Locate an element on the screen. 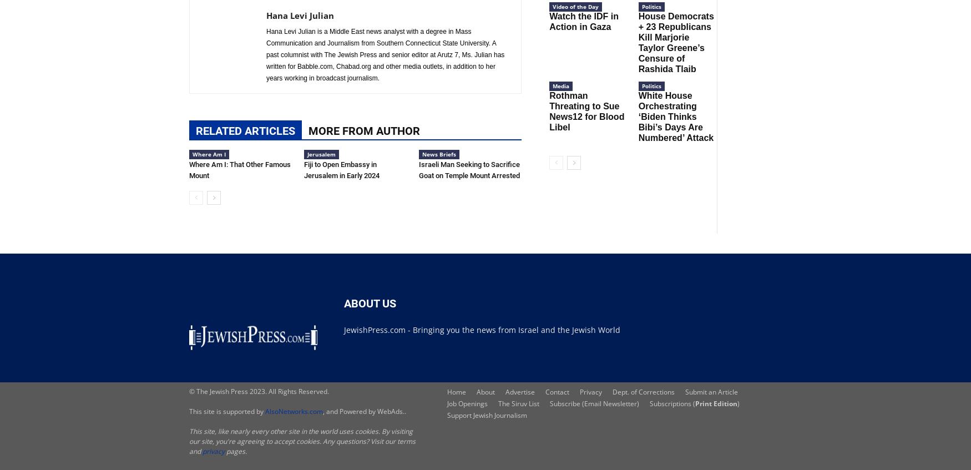  'Hana Levi Julian' is located at coordinates (299, 14).